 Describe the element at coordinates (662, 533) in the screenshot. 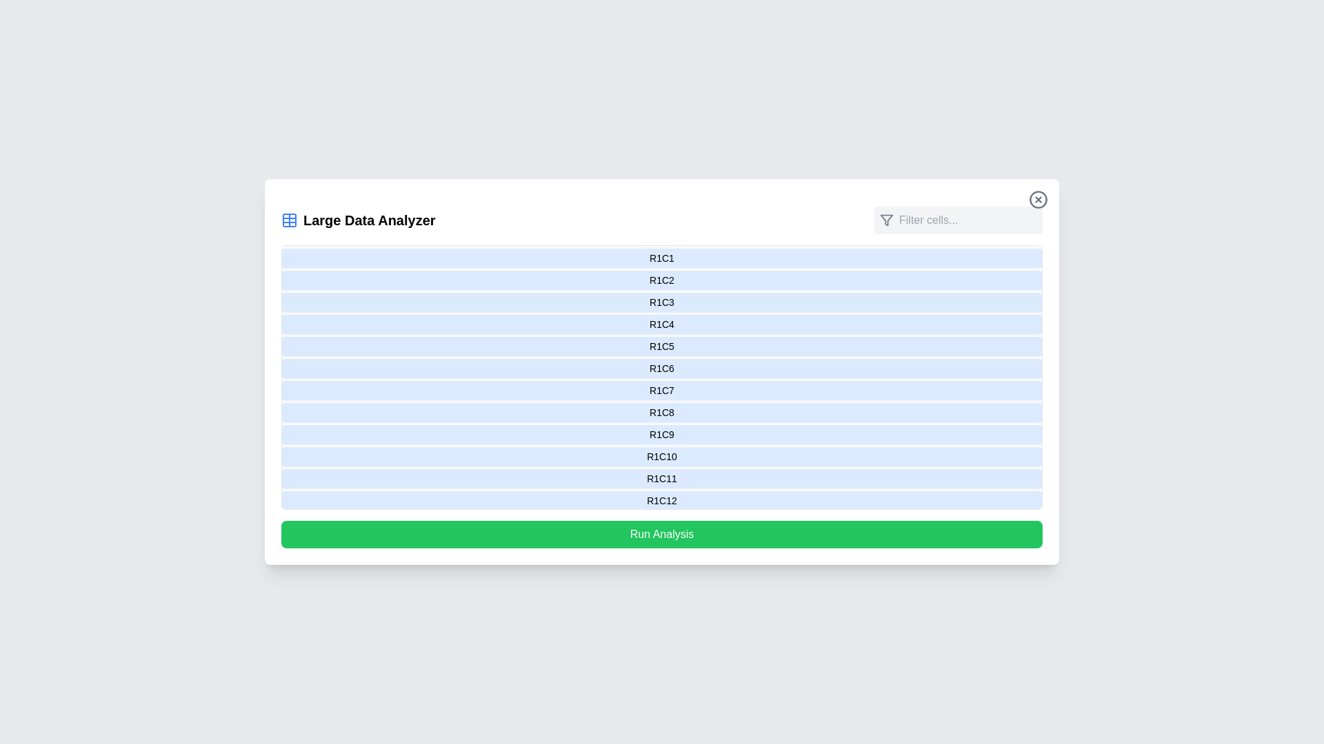

I see `'Run Analysis' button to start the analysis` at that location.